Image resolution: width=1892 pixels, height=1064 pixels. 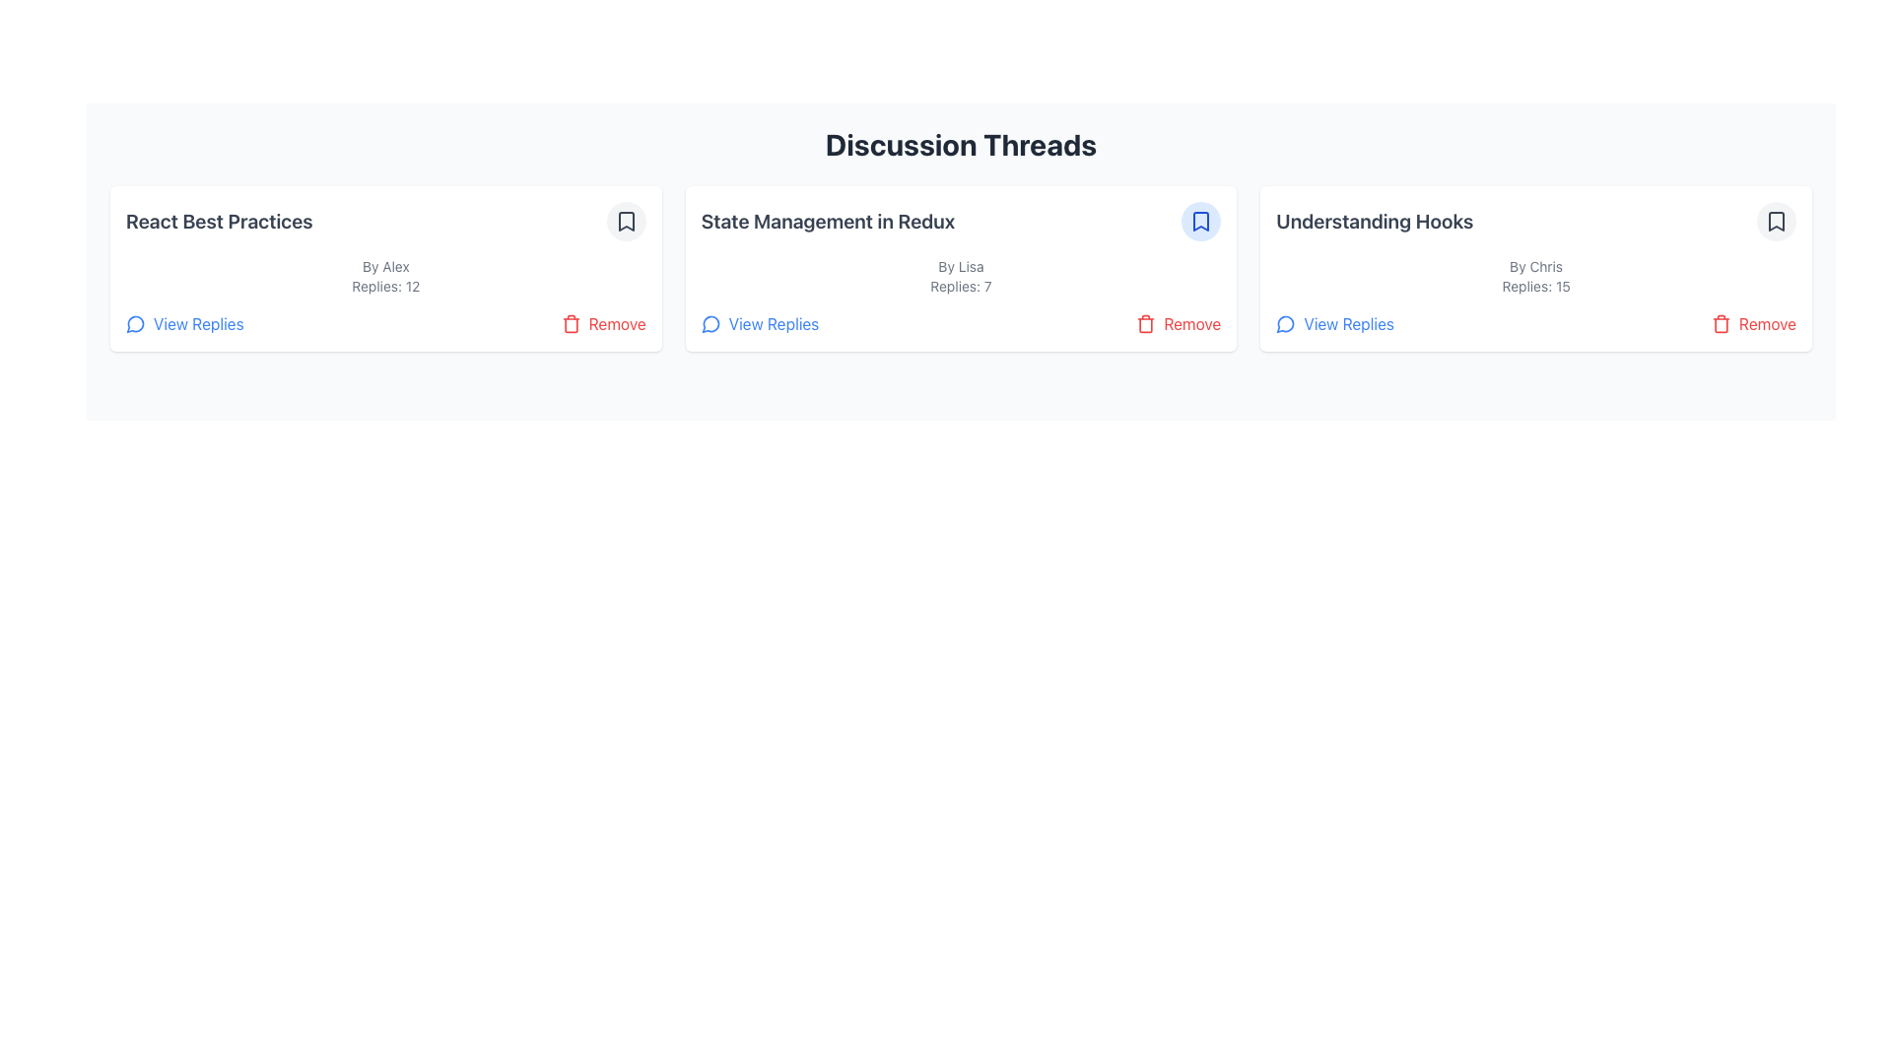 I want to click on the 'Discussion Threads' heading text, which is styled with a large bold font and located at the top center of the interface, above the discussion cards, so click(x=961, y=143).